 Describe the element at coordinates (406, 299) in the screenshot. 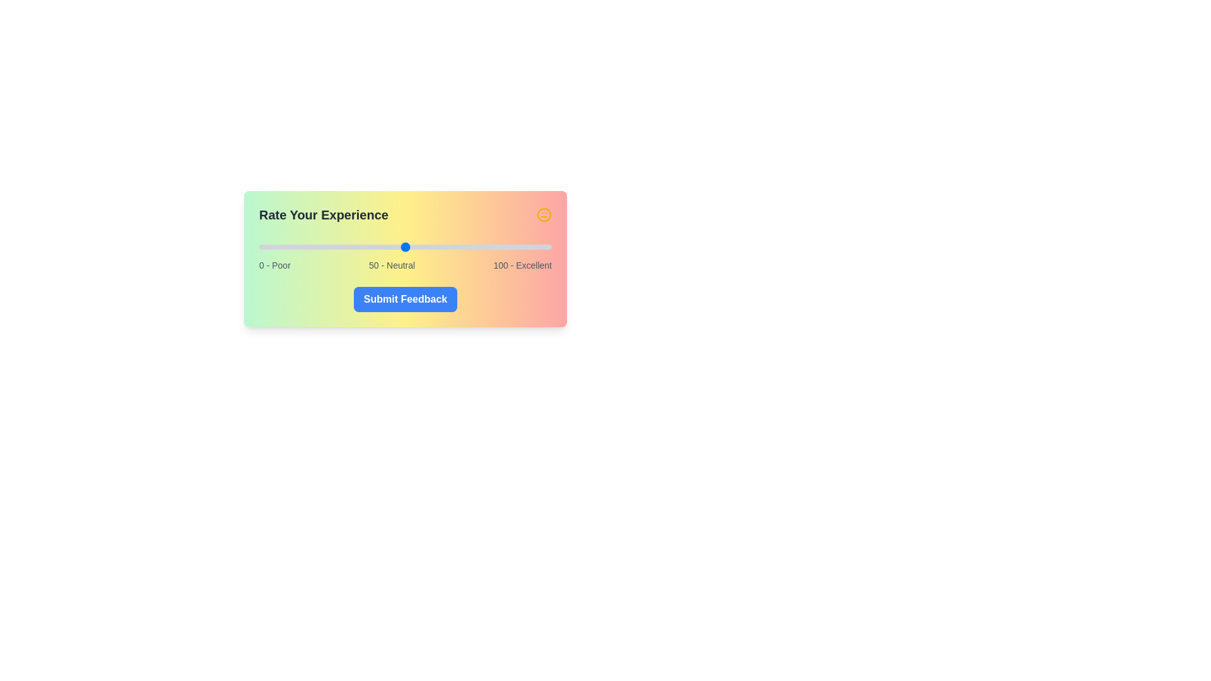

I see `the 'Submit Feedback' button` at that location.